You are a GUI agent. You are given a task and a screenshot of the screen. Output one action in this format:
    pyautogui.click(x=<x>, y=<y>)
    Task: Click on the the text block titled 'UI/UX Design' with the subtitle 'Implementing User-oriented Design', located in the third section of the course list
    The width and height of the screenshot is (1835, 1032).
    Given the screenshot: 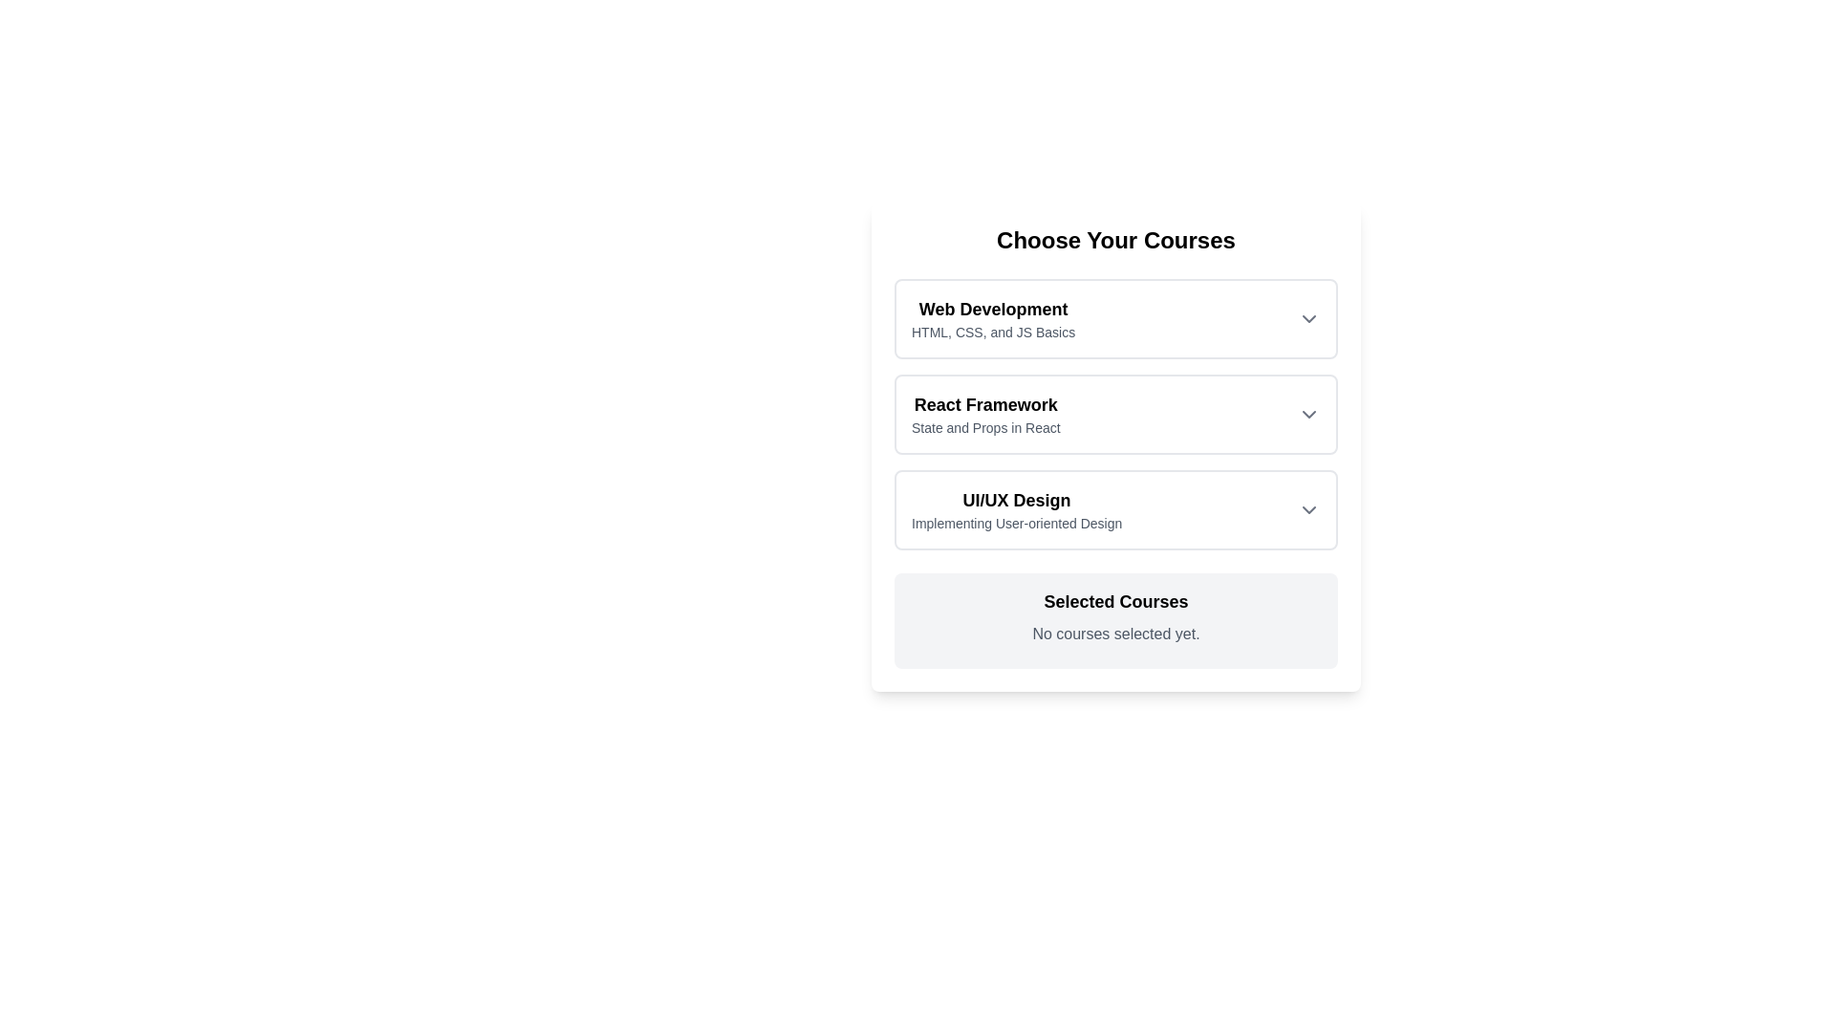 What is the action you would take?
    pyautogui.click(x=1016, y=508)
    